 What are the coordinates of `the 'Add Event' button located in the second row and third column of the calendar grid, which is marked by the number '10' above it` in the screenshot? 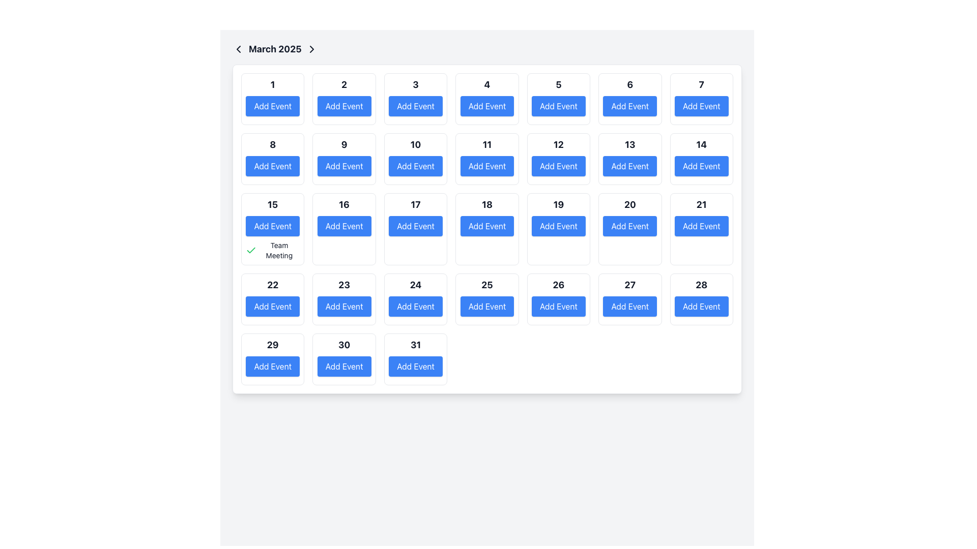 It's located at (416, 159).